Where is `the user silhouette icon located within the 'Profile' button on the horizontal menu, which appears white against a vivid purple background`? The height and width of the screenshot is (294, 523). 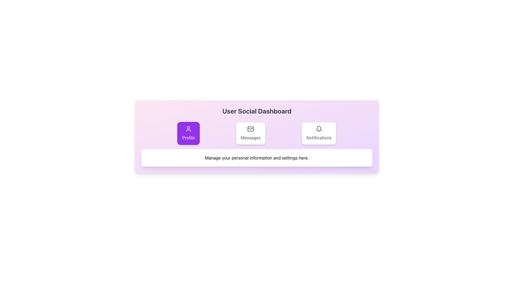
the user silhouette icon located within the 'Profile' button on the horizontal menu, which appears white against a vivid purple background is located at coordinates (188, 129).